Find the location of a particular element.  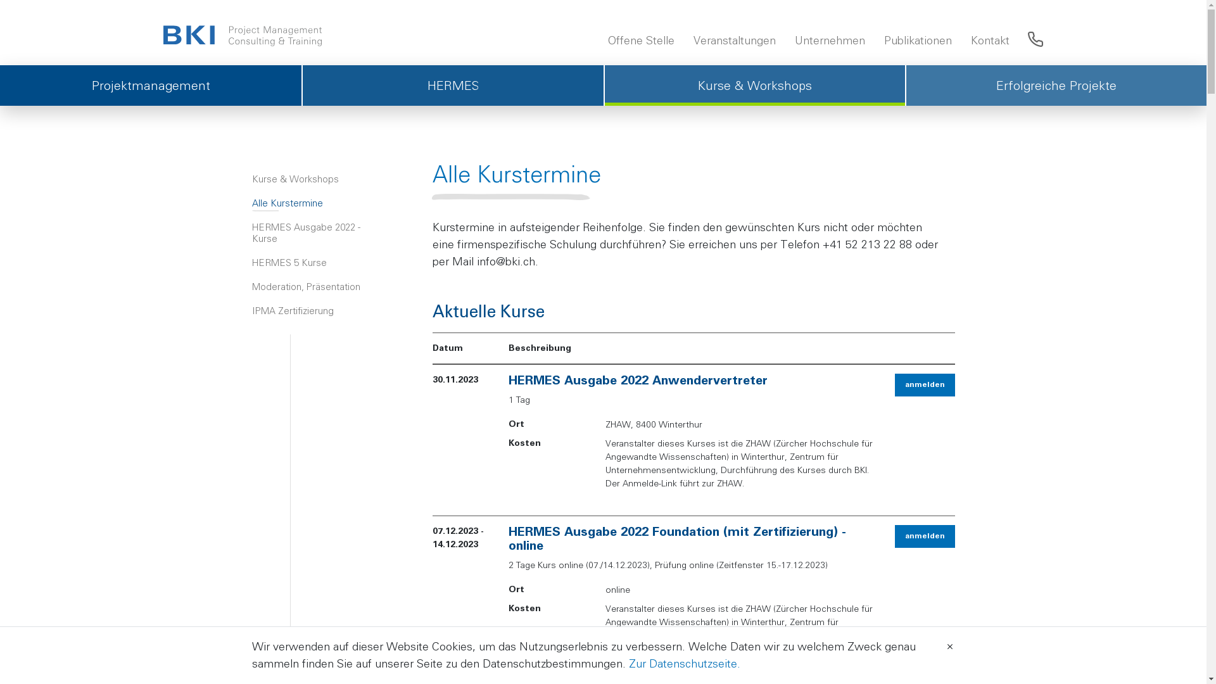

'Kontakt' is located at coordinates (989, 40).